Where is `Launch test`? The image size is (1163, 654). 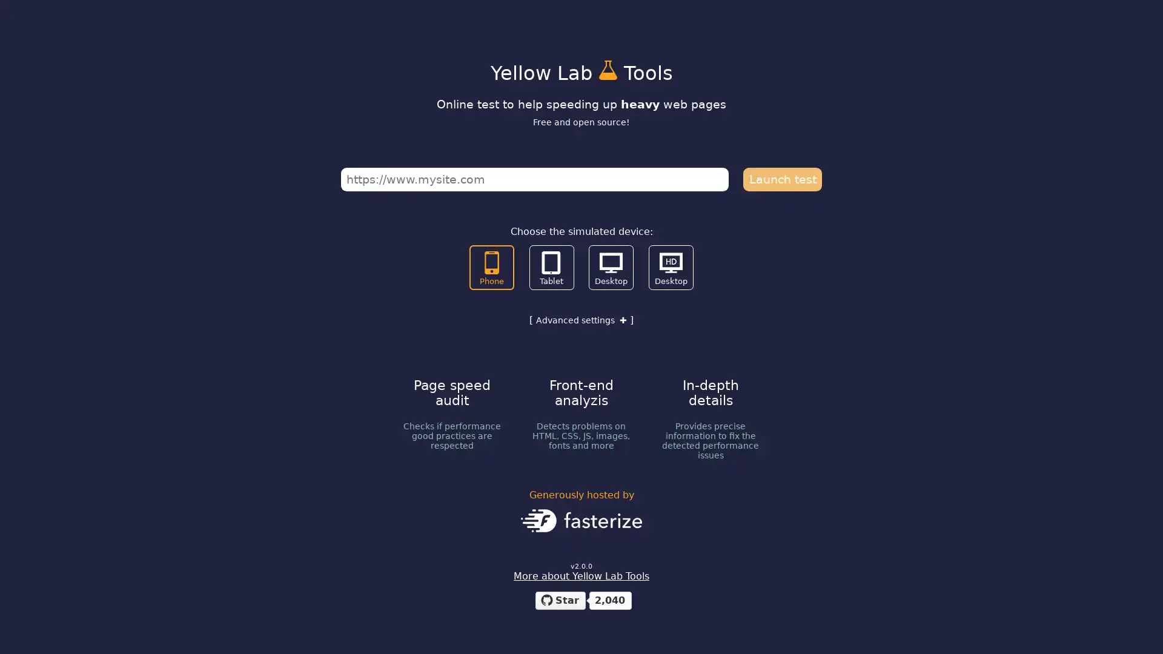 Launch test is located at coordinates (782, 179).